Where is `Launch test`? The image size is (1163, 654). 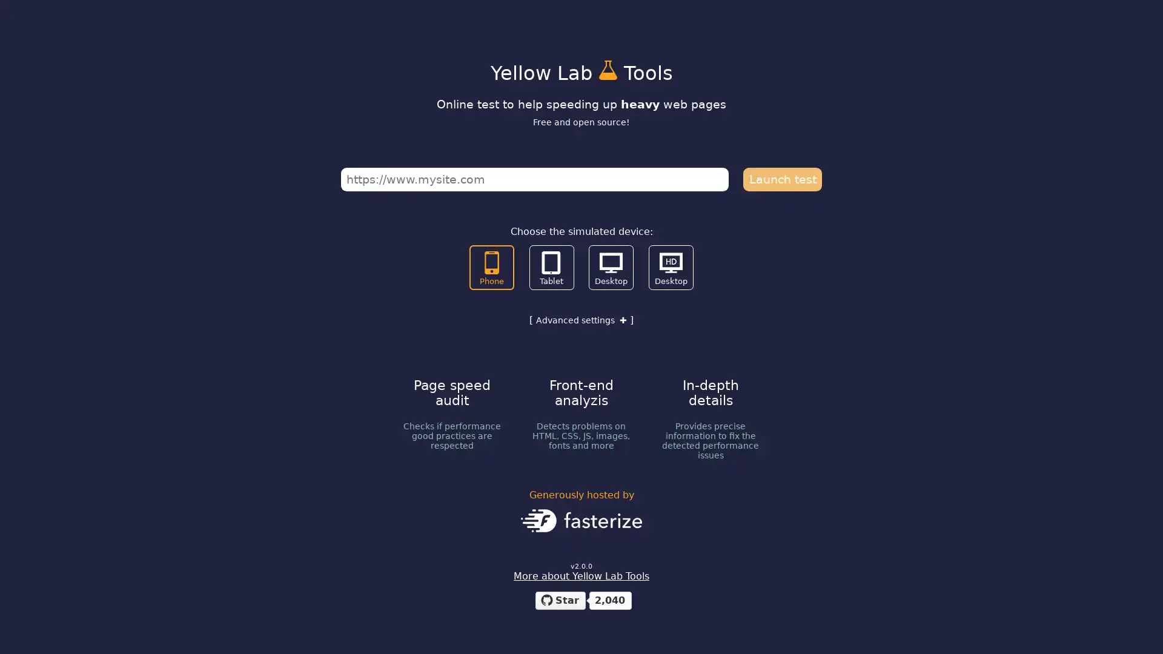 Launch test is located at coordinates (782, 179).